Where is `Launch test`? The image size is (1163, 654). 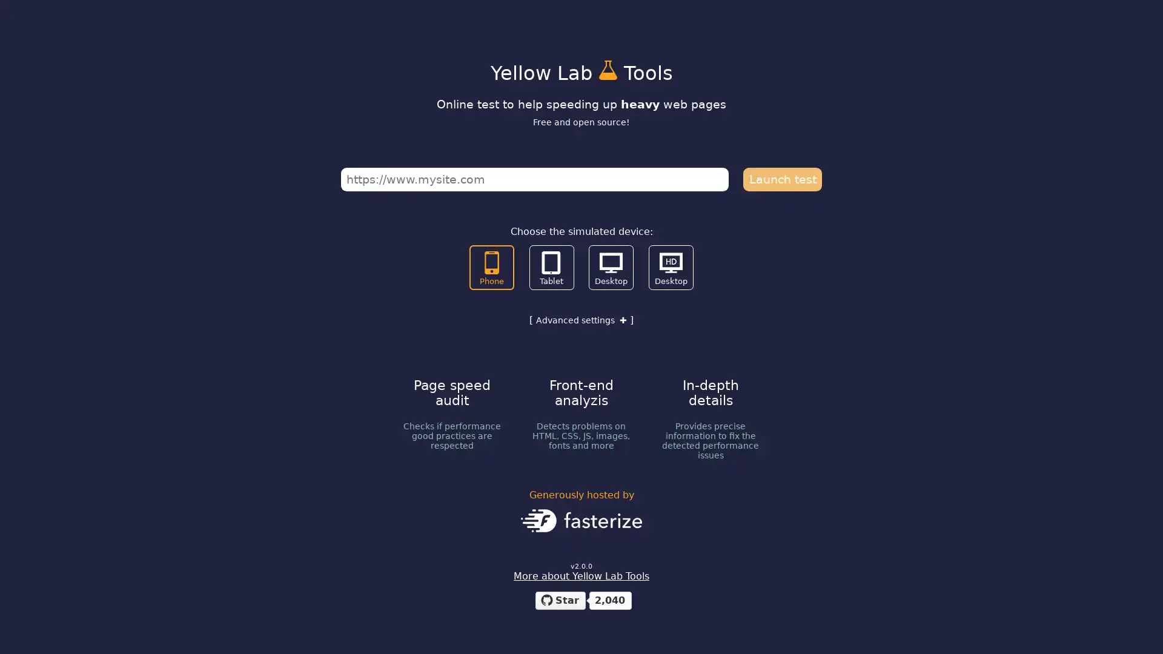 Launch test is located at coordinates (782, 179).